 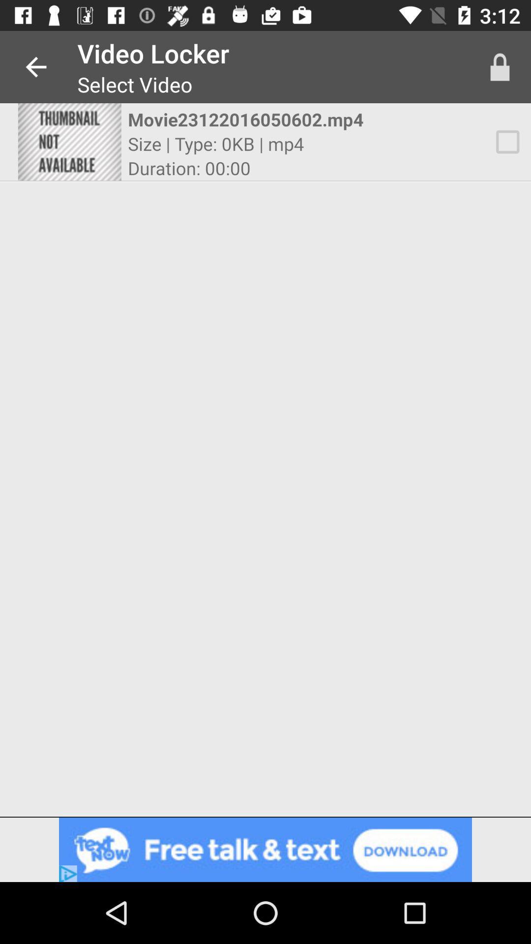 What do you see at coordinates (256, 119) in the screenshot?
I see `the app below select video item` at bounding box center [256, 119].